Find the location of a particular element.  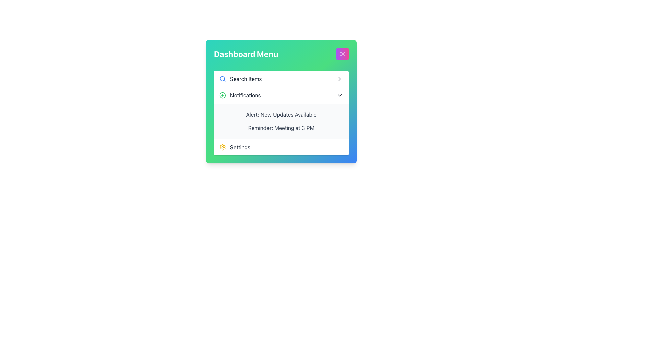

the 'Dashboard Menu' text label displayed in bold 2XL font size located at the top left corner of the rectangular UI card with a green-to-blue gradient background is located at coordinates (246, 54).